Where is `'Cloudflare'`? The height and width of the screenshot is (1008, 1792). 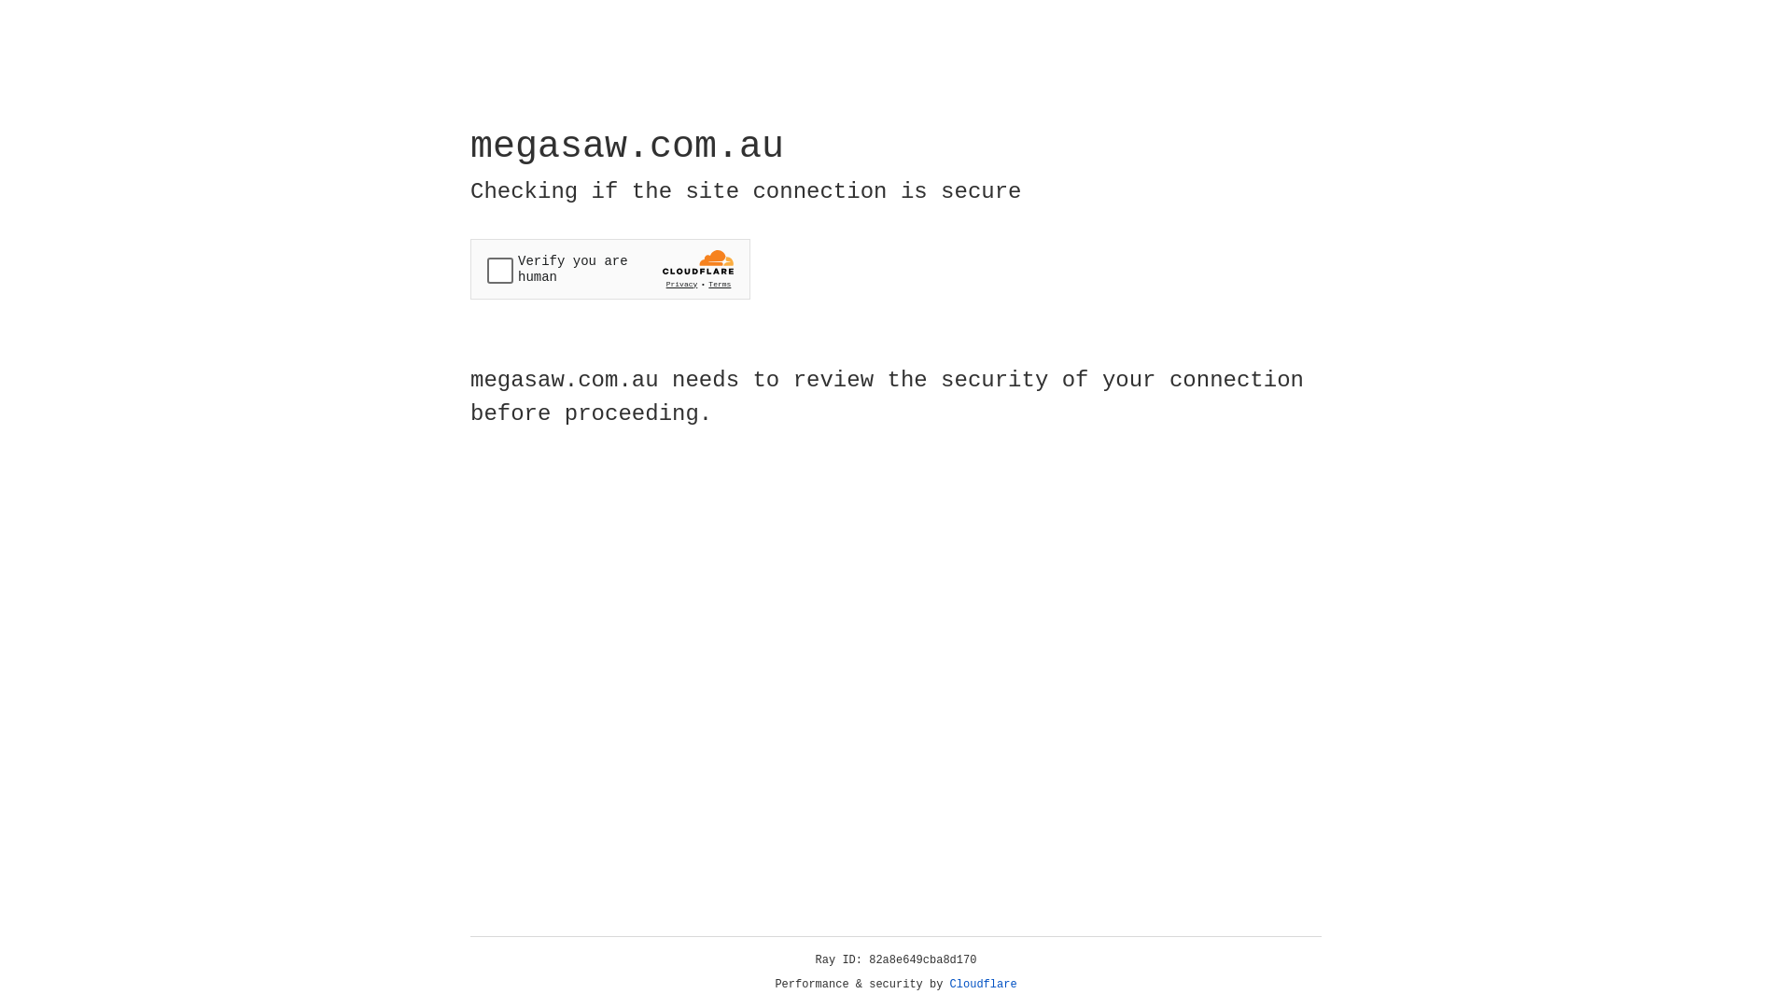 'Cloudflare' is located at coordinates (949, 984).